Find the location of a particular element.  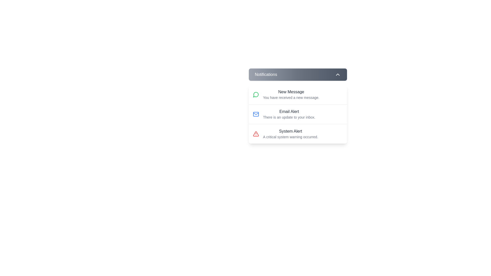

the text label displaying the message 'You have received a new message.' which is located below the title 'New Message' in the notification card is located at coordinates (291, 97).